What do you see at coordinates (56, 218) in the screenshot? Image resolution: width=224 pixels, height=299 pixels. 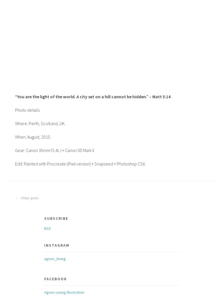 I see `'Subscribe'` at bounding box center [56, 218].